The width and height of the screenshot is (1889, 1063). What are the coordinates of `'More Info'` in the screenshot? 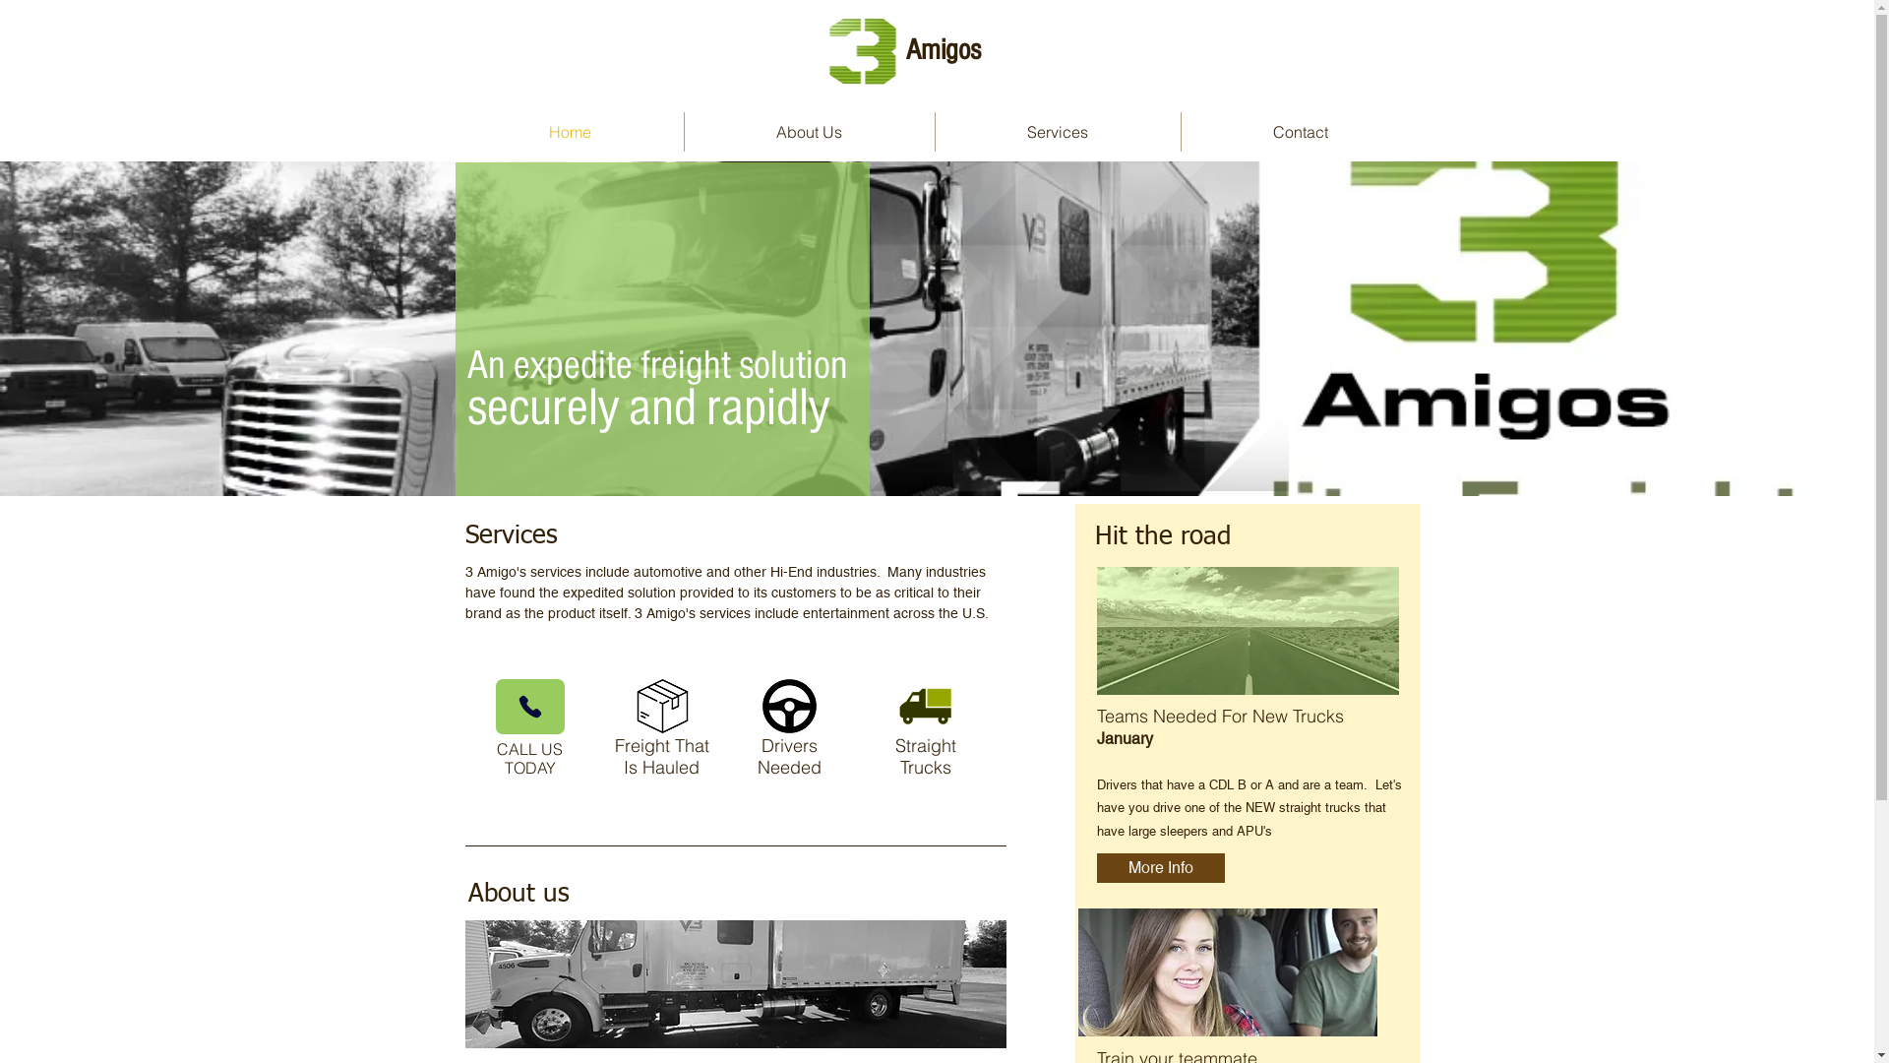 It's located at (1094, 867).